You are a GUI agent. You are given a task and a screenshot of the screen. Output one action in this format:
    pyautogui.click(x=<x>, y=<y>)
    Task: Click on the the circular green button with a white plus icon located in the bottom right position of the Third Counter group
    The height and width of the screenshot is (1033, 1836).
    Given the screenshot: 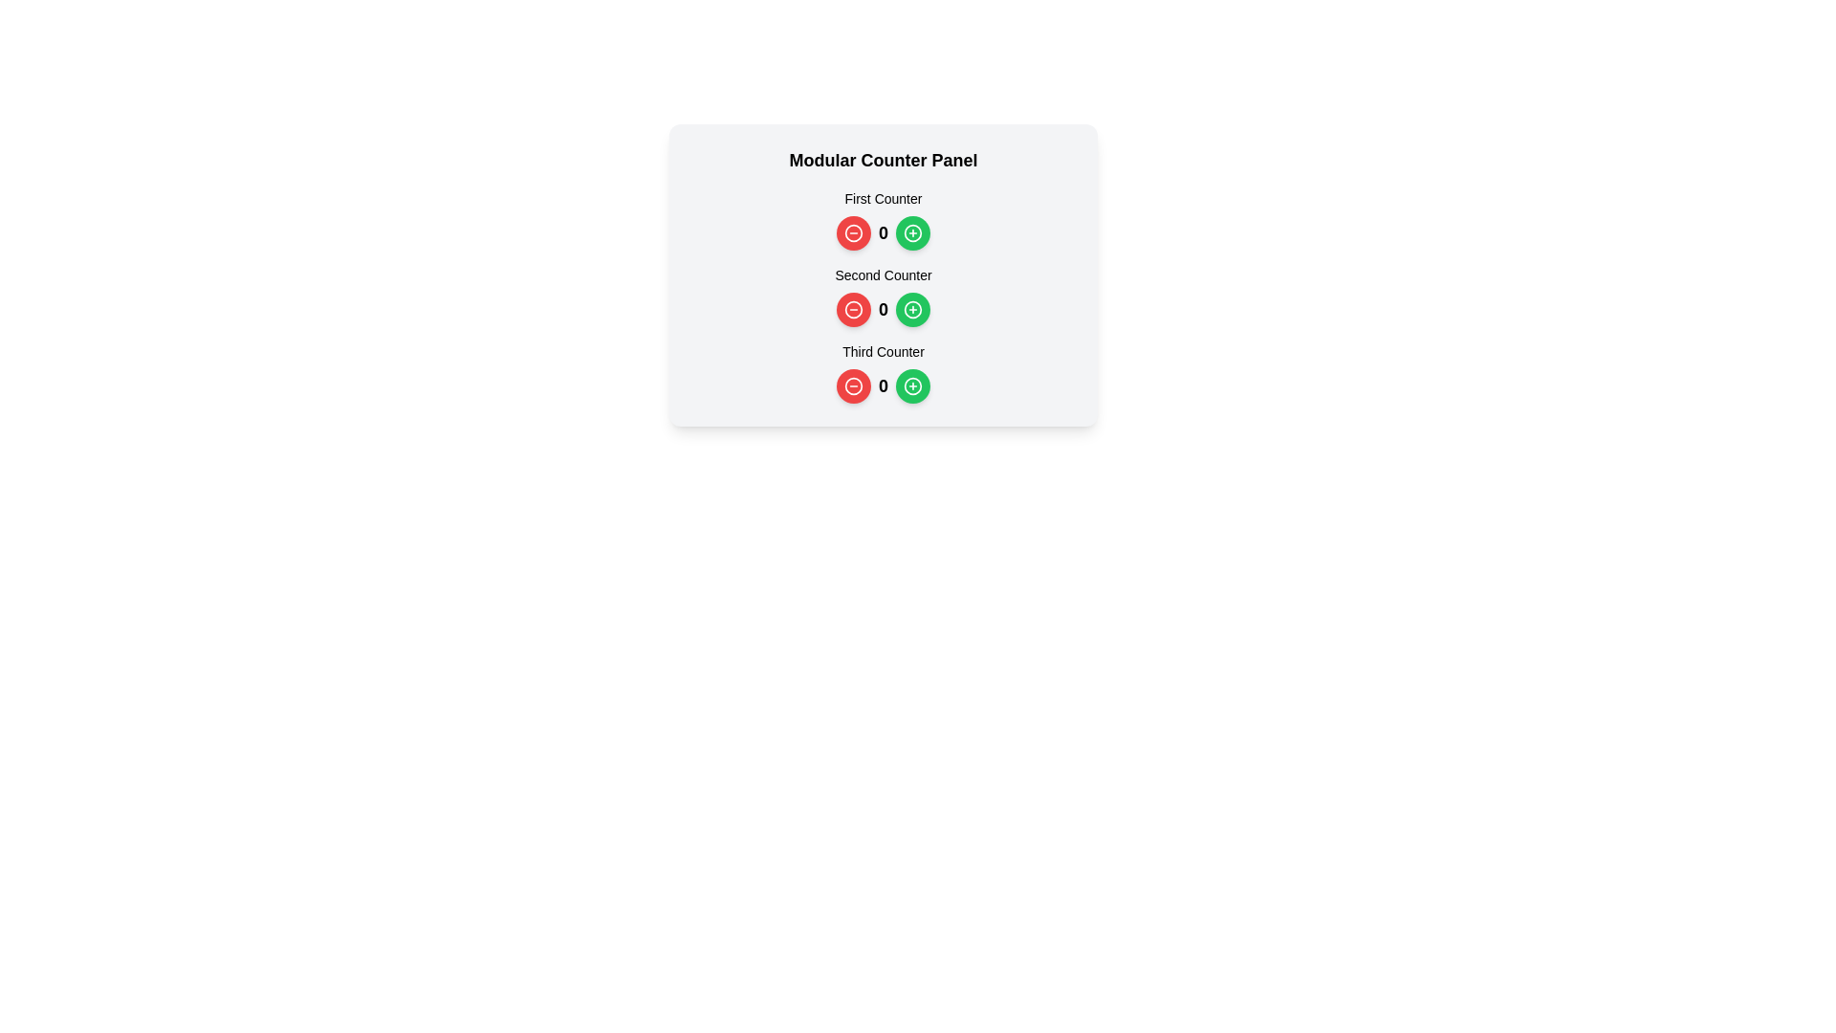 What is the action you would take?
    pyautogui.click(x=912, y=386)
    